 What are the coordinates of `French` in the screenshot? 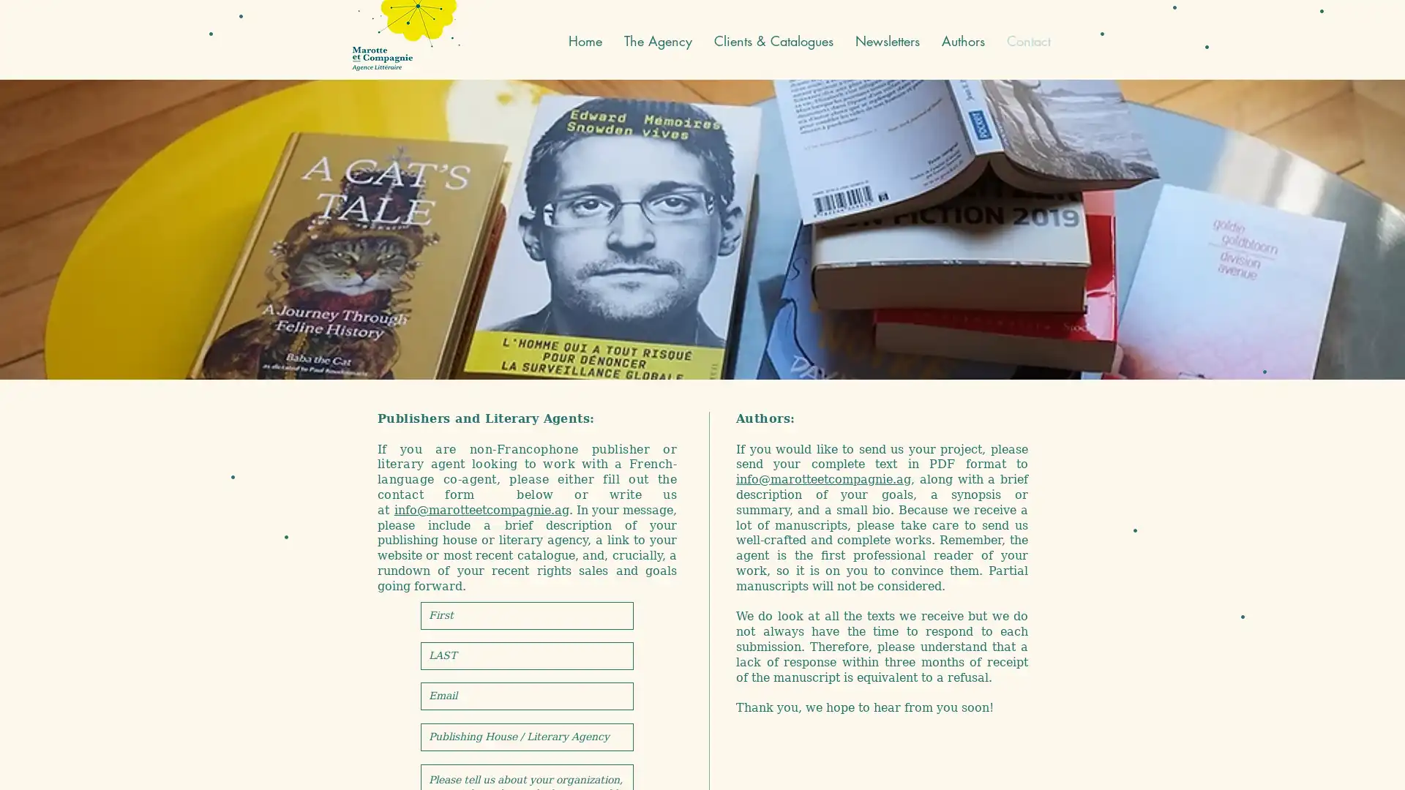 It's located at (488, 40).